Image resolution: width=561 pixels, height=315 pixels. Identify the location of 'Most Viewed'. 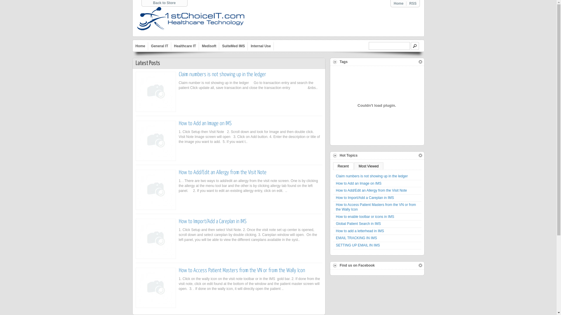
(354, 166).